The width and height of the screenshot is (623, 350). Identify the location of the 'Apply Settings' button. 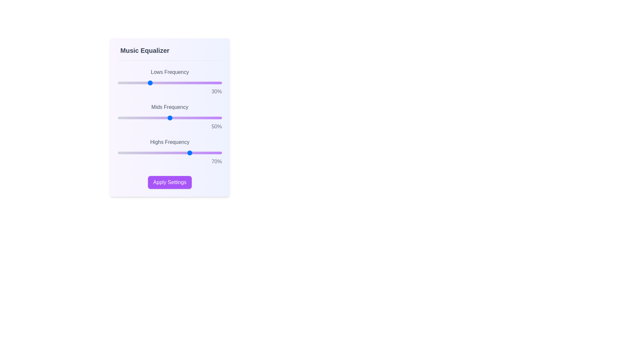
(170, 182).